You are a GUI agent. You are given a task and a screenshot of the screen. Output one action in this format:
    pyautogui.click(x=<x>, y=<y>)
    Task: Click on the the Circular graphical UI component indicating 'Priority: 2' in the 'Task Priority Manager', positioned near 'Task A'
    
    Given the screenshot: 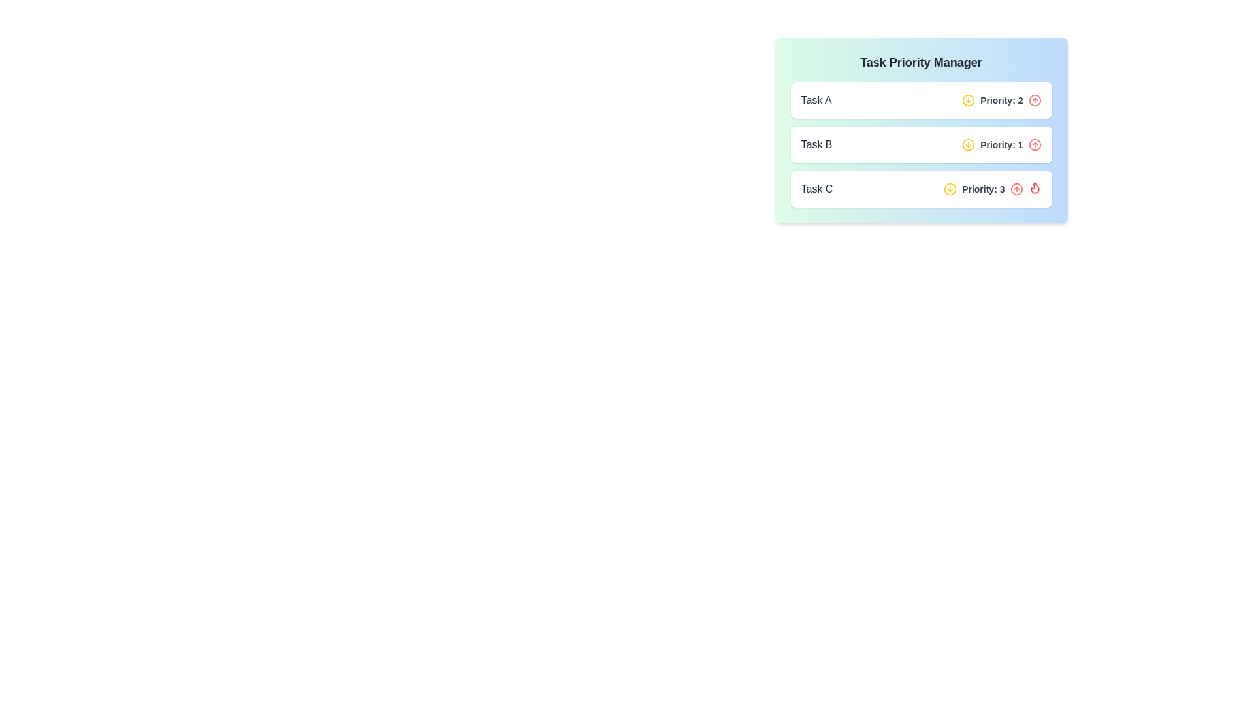 What is the action you would take?
    pyautogui.click(x=969, y=145)
    